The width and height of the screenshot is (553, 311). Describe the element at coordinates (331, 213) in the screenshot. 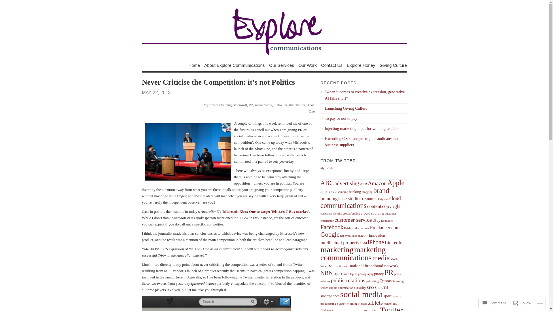

I see `'corporate identity'` at that location.